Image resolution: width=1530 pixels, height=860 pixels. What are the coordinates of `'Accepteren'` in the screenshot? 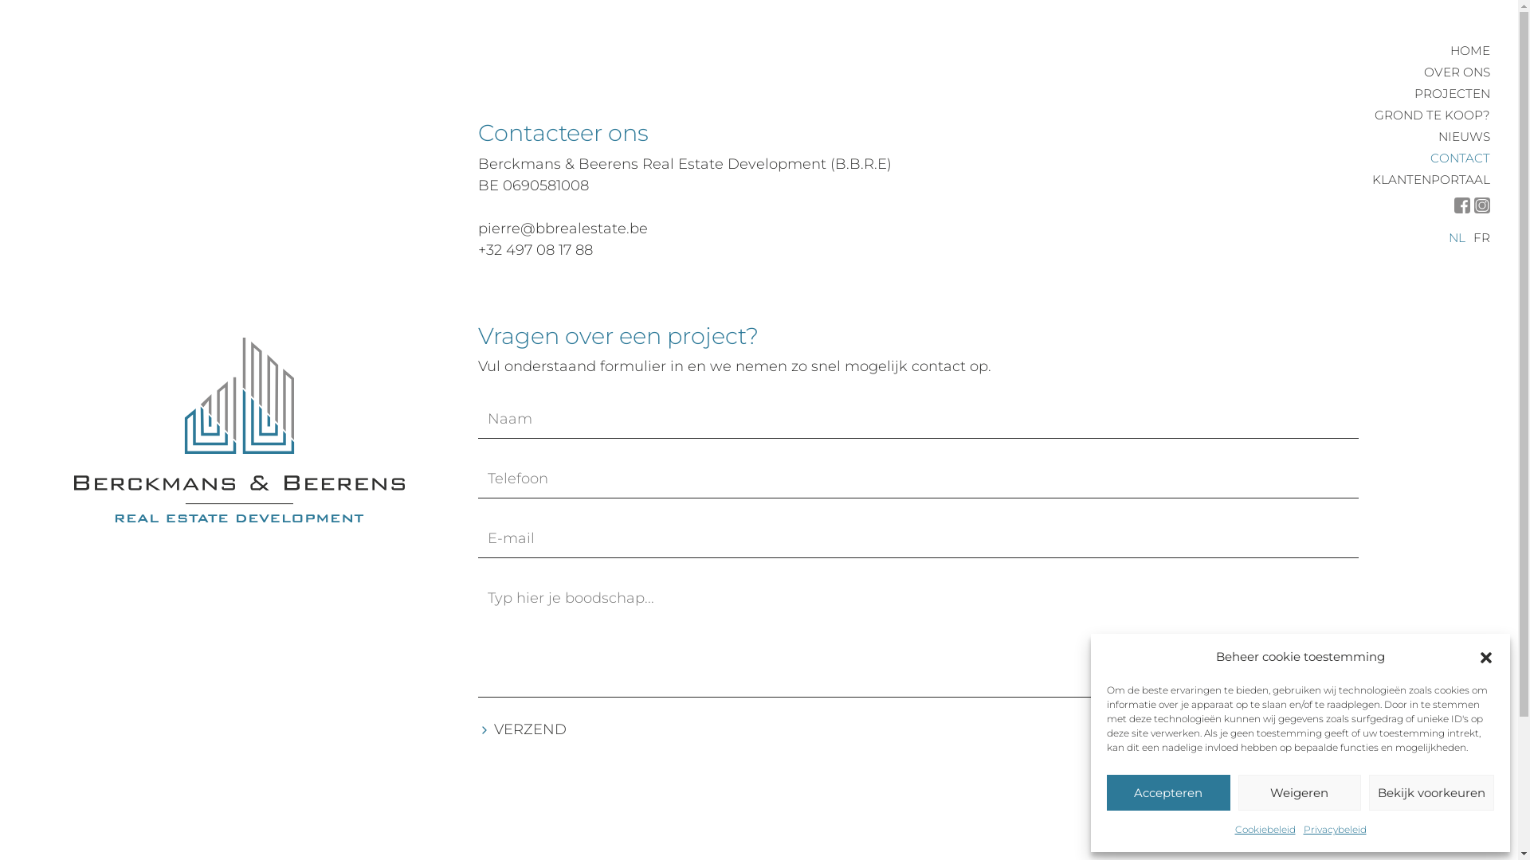 It's located at (1168, 792).